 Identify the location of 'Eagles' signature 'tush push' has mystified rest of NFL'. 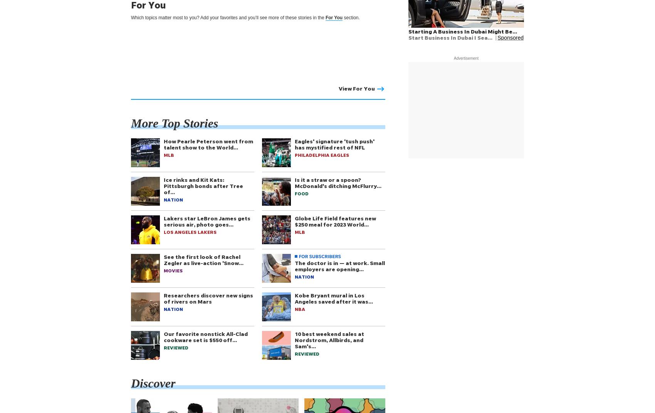
(334, 144).